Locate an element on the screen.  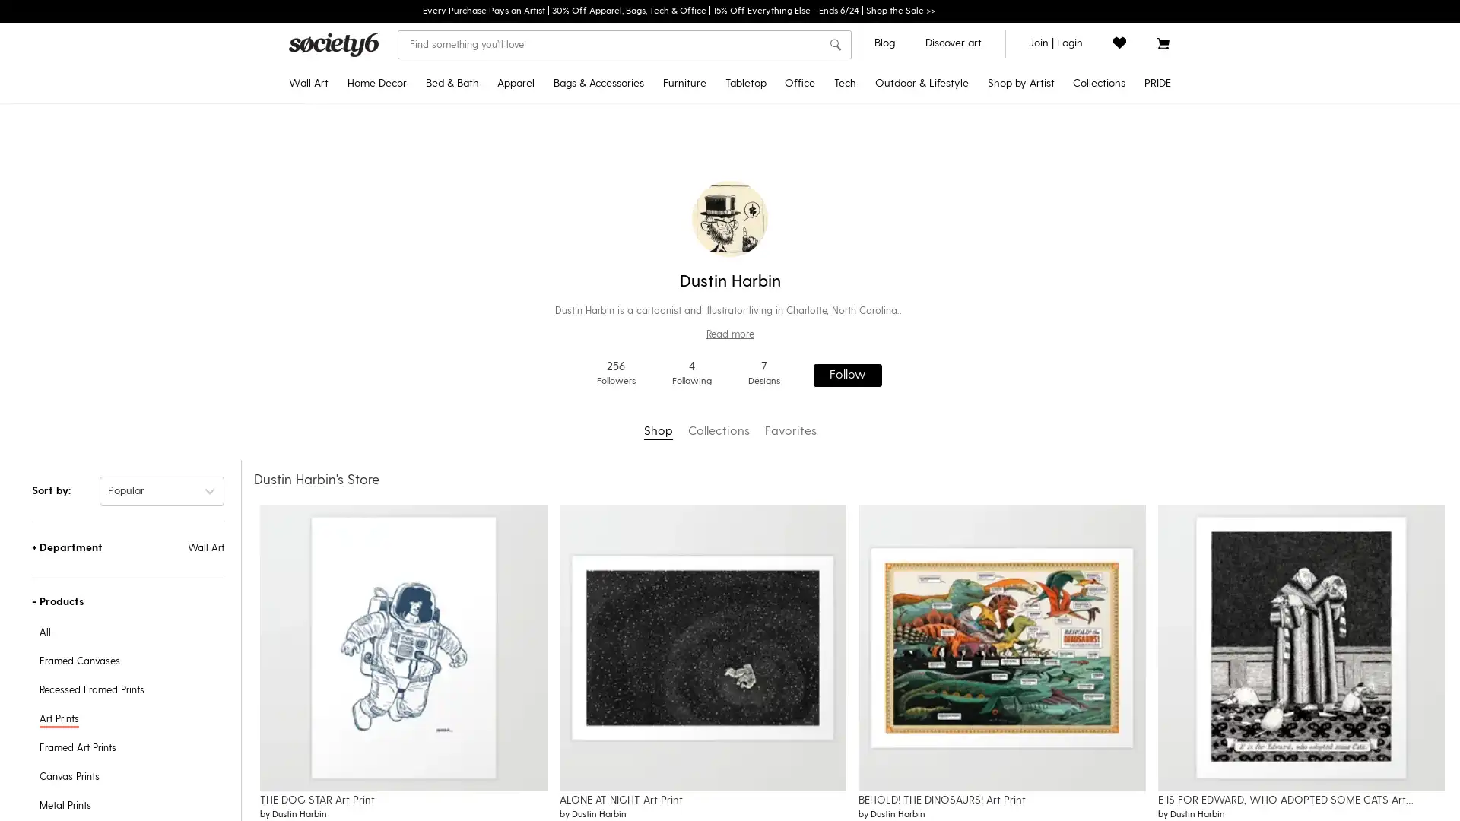
Throw Pillows is located at coordinates (405, 146).